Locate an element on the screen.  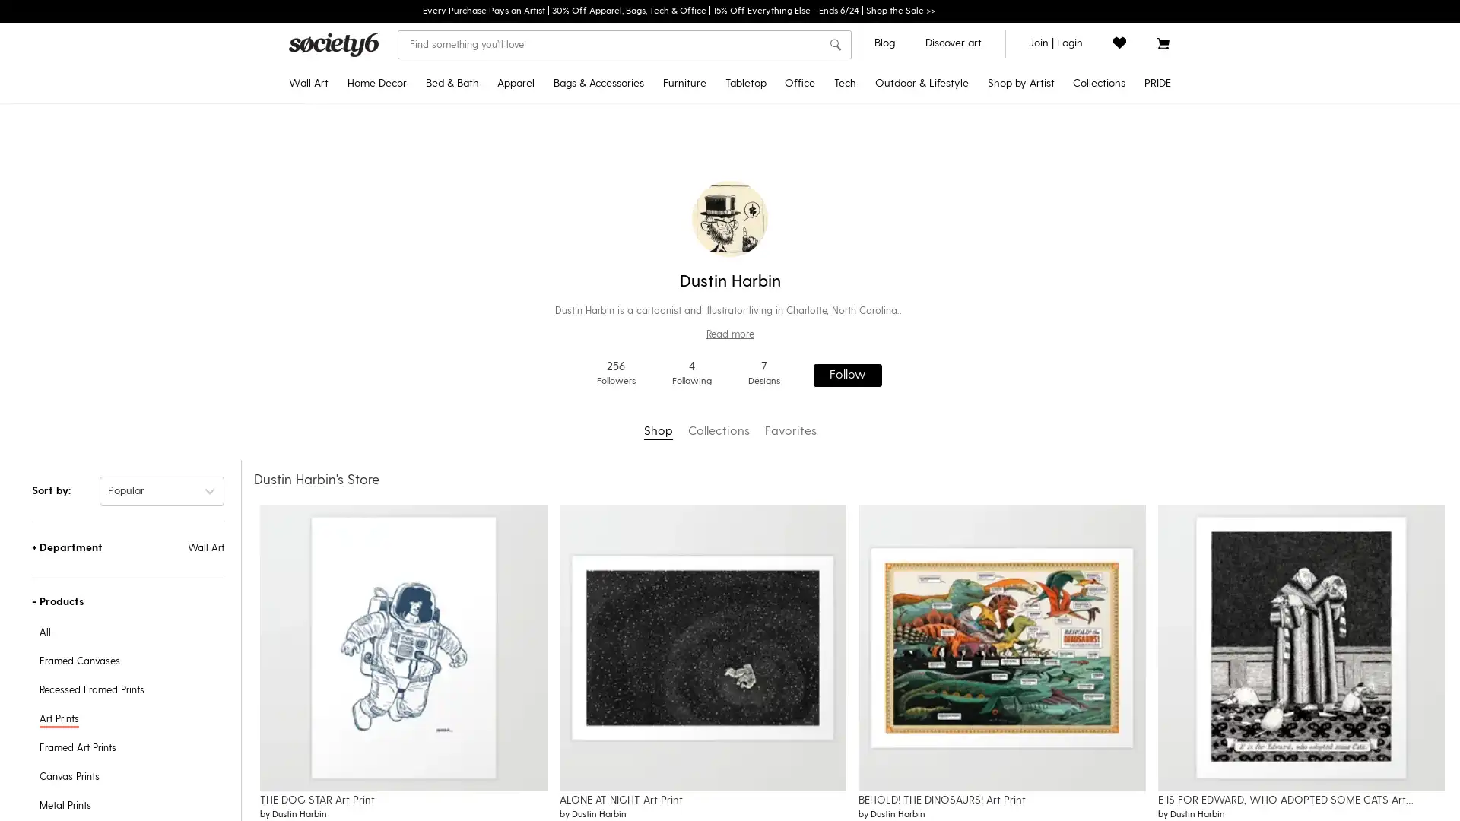
Throw Pillows is located at coordinates (405, 146).